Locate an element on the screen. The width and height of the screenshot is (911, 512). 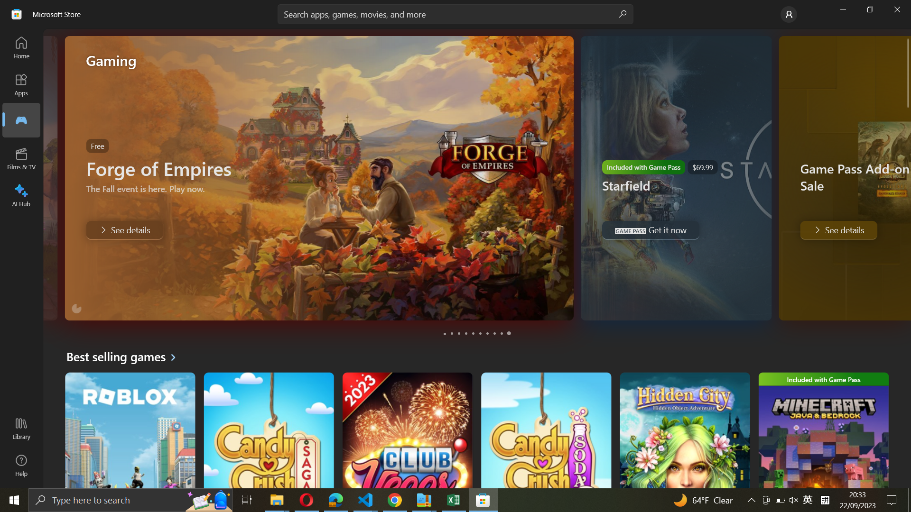
Go to Best selling games is located at coordinates (124, 357).